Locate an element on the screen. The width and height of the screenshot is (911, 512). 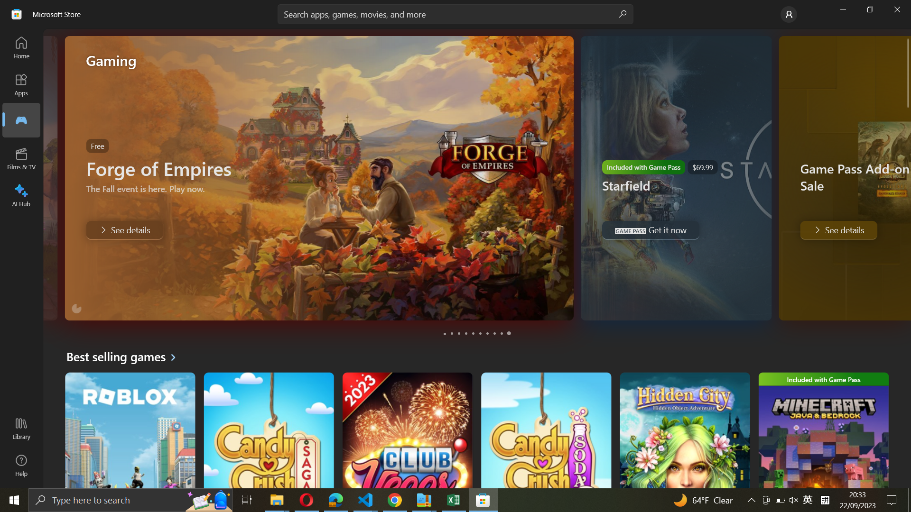
Go to Best selling games is located at coordinates (124, 357).